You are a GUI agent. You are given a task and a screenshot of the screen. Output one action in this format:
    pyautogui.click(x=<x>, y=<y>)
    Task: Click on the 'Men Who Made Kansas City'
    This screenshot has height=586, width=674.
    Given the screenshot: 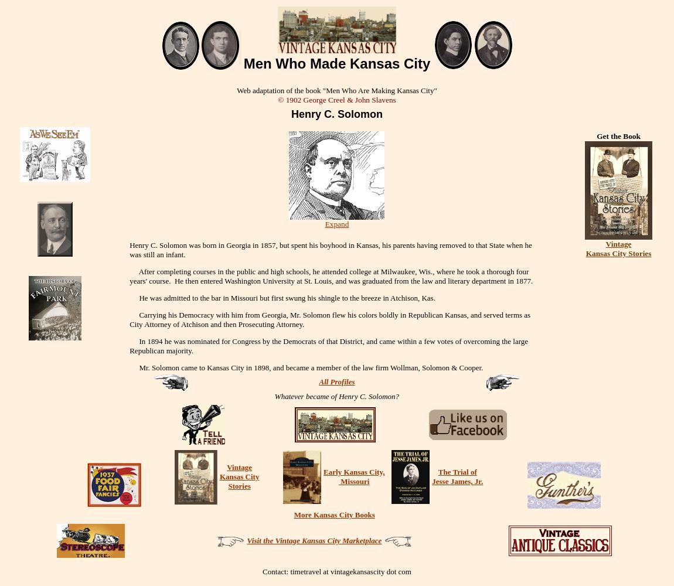 What is the action you would take?
    pyautogui.click(x=336, y=63)
    